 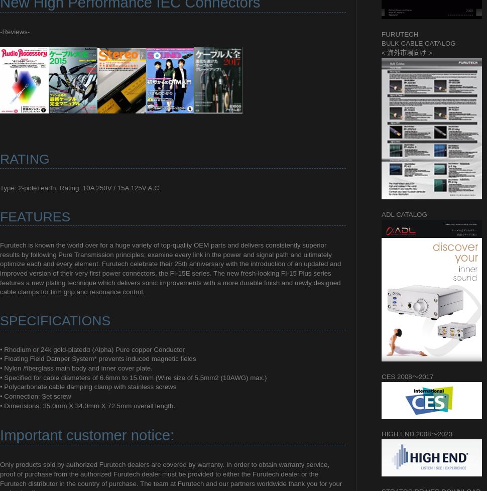 What do you see at coordinates (55, 321) in the screenshot?
I see `'SPECIFICATIONS'` at bounding box center [55, 321].